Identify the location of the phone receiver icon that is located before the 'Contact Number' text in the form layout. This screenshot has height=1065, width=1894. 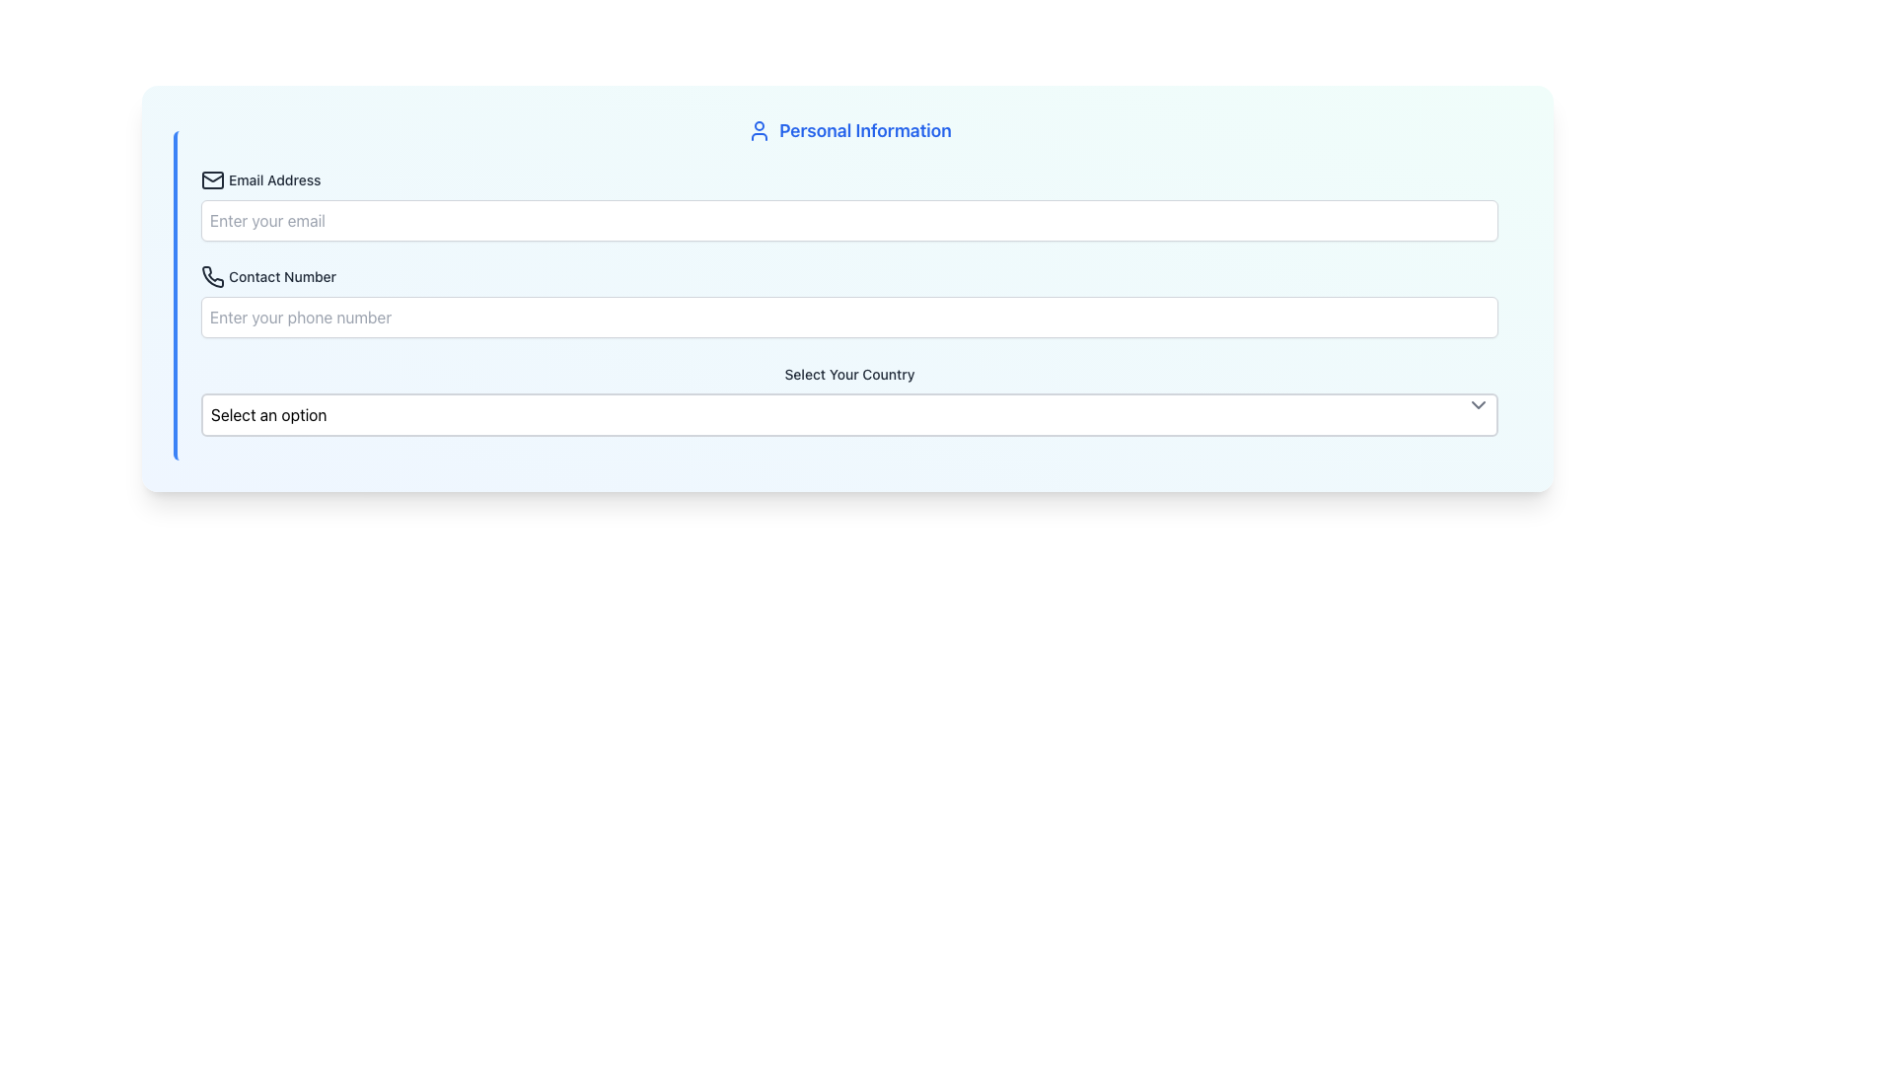
(213, 277).